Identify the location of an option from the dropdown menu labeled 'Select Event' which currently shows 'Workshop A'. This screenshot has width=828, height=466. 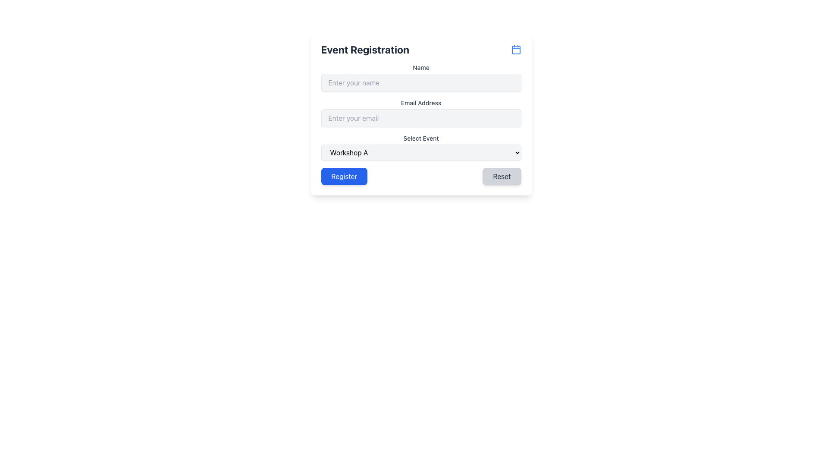
(421, 152).